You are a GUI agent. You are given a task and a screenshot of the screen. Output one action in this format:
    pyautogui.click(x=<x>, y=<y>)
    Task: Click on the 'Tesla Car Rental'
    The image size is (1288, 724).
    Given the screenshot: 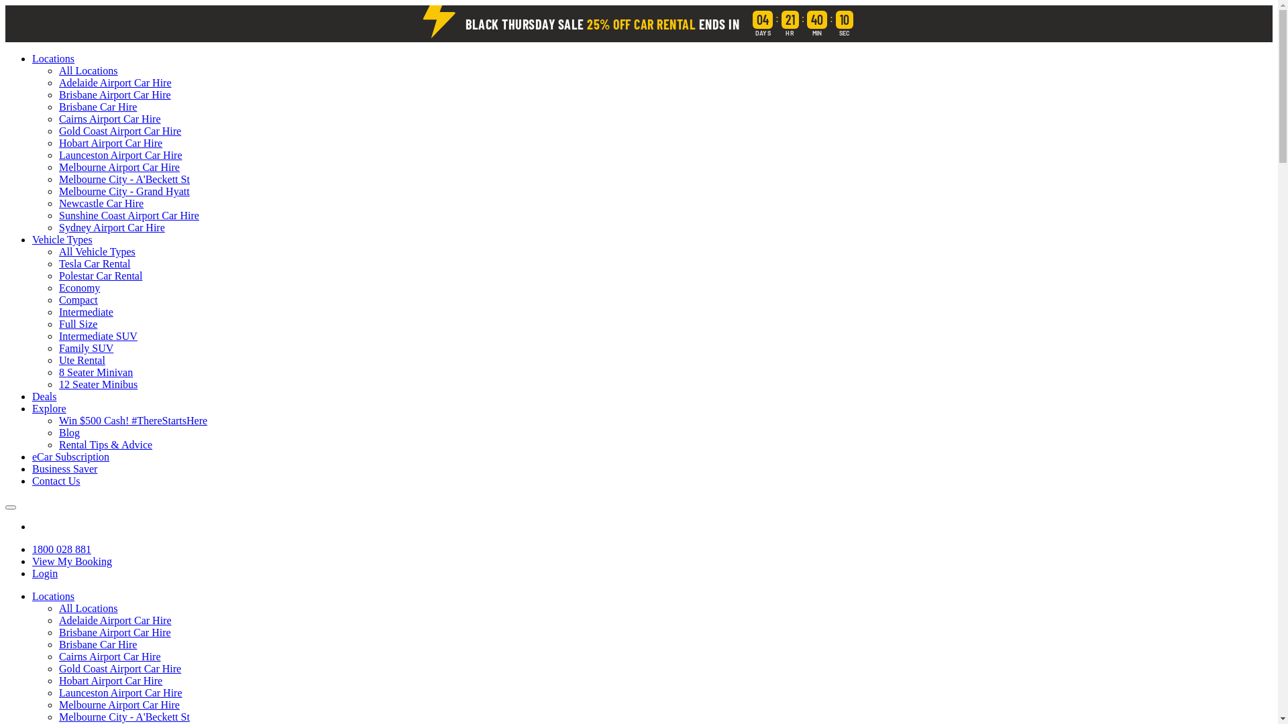 What is the action you would take?
    pyautogui.click(x=93, y=263)
    